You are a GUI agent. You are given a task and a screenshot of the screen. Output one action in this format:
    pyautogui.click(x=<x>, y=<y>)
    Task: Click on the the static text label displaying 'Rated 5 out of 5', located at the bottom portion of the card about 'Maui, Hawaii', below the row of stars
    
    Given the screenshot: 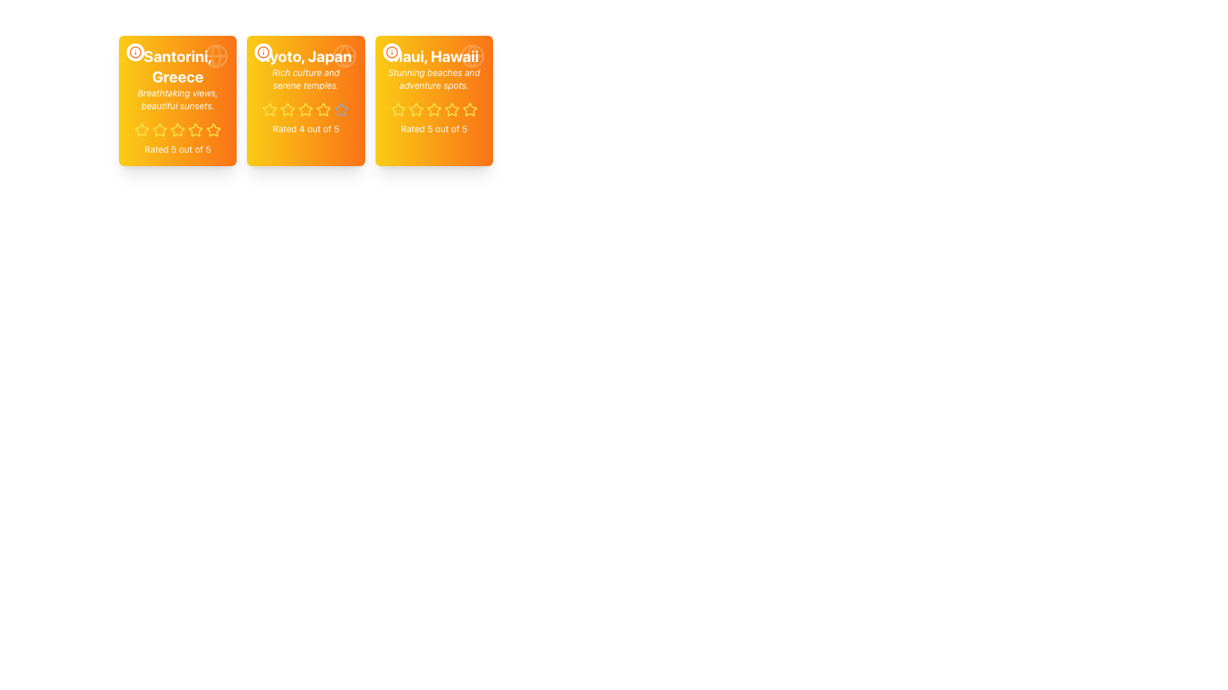 What is the action you would take?
    pyautogui.click(x=434, y=128)
    